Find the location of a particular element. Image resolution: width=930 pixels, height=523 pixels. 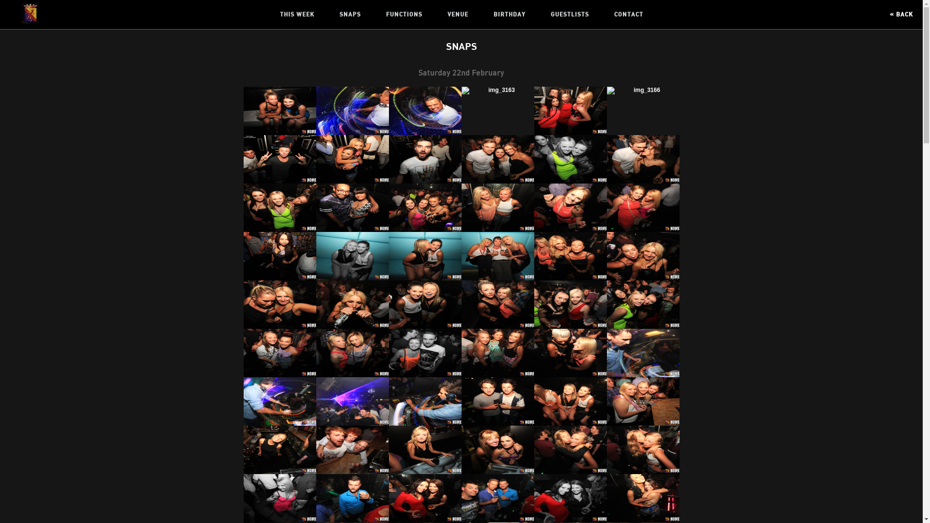

' ' is located at coordinates (243, 401).